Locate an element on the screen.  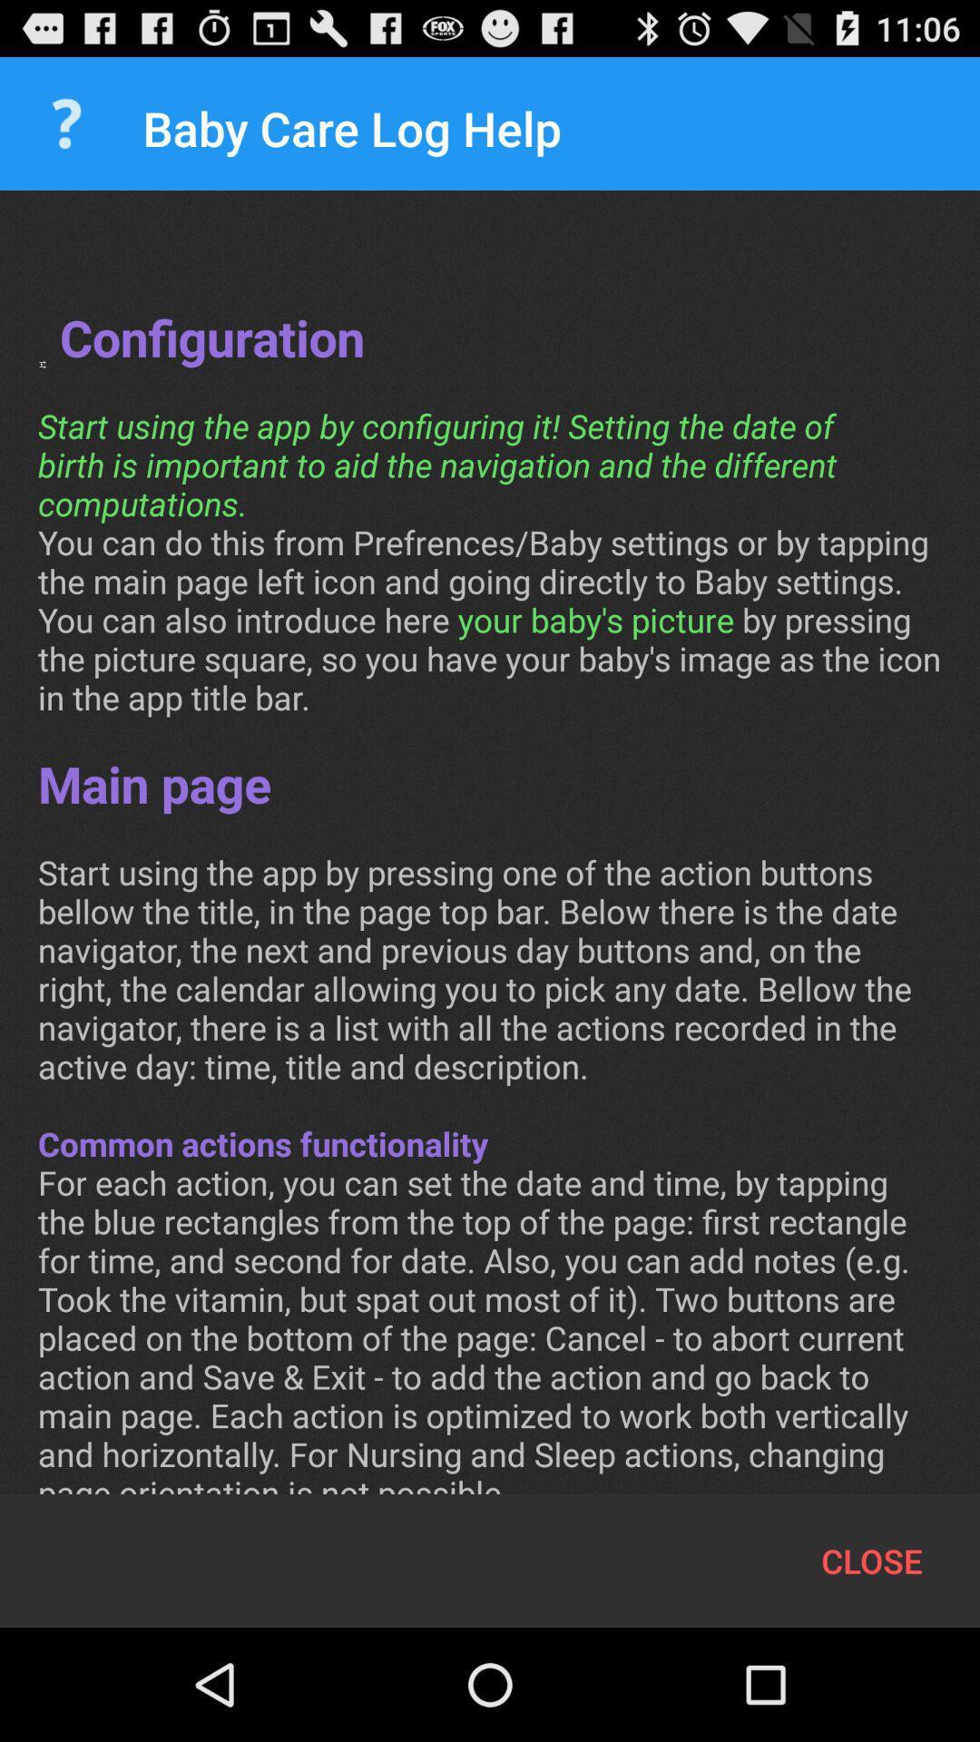
item at the bottom right corner is located at coordinates (871, 1560).